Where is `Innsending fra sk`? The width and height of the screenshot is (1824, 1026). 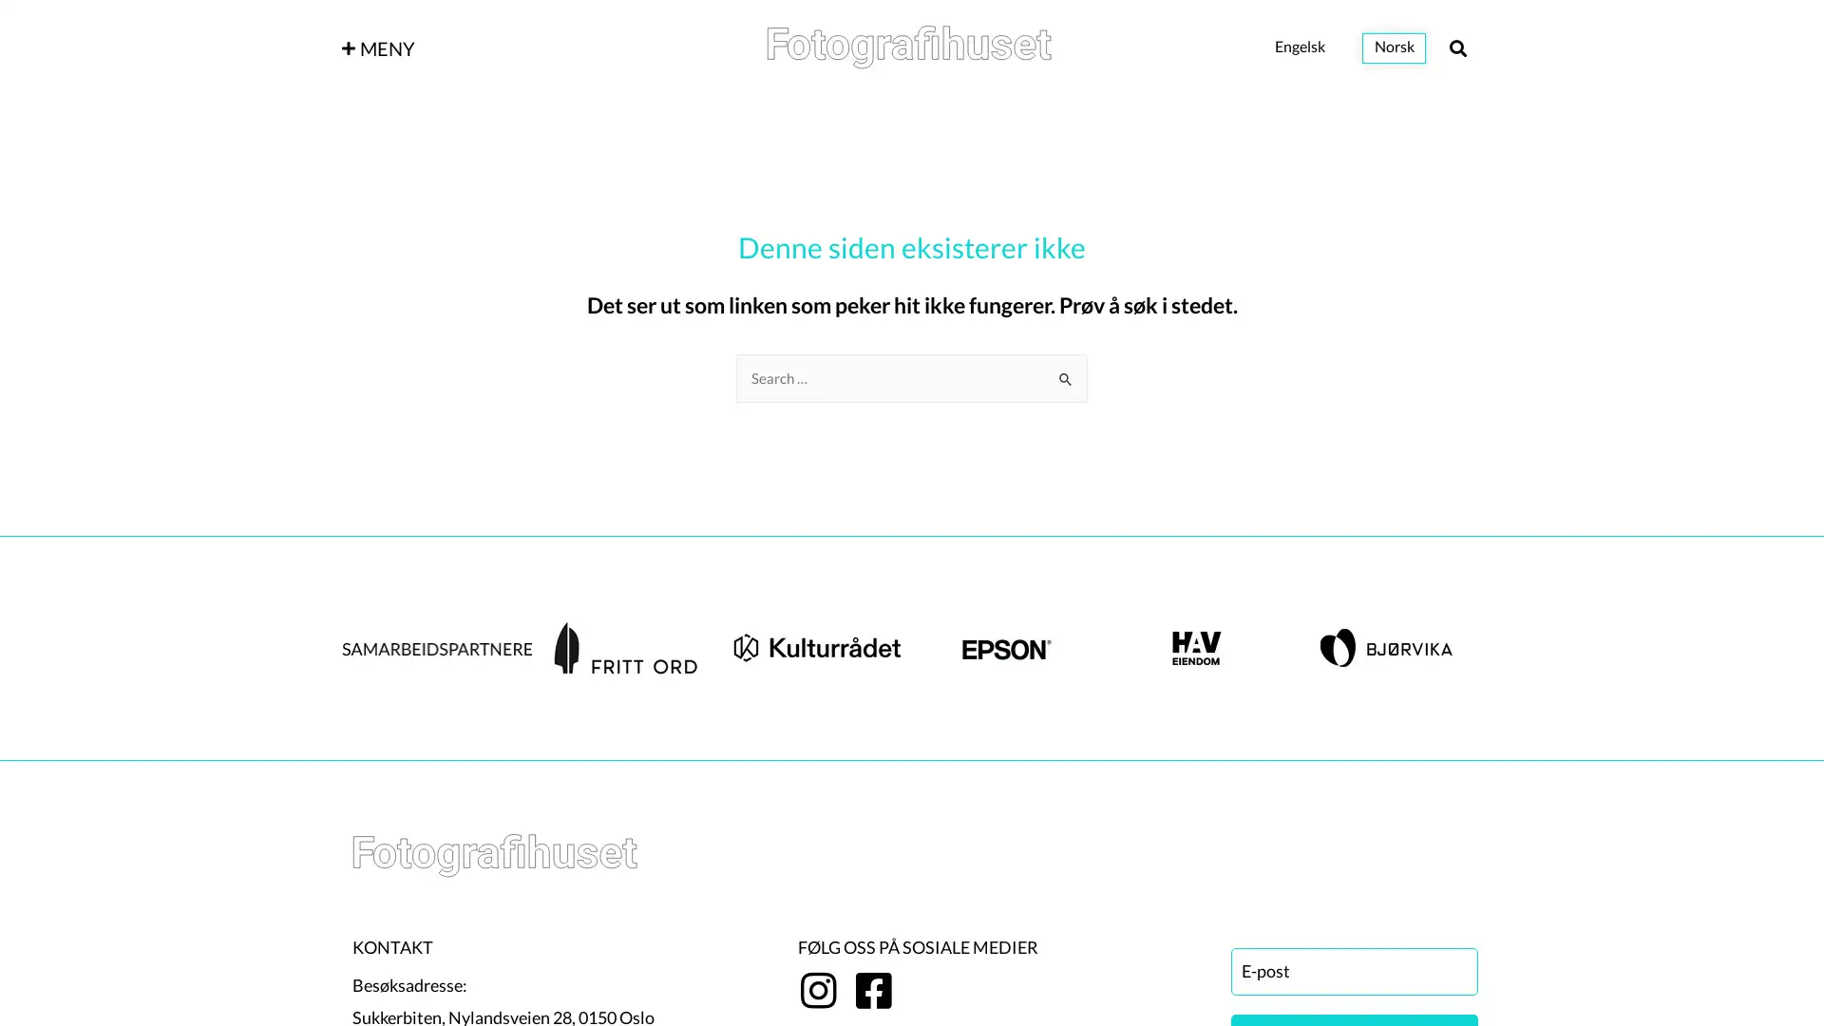
Innsending fra sk is located at coordinates (1066, 378).